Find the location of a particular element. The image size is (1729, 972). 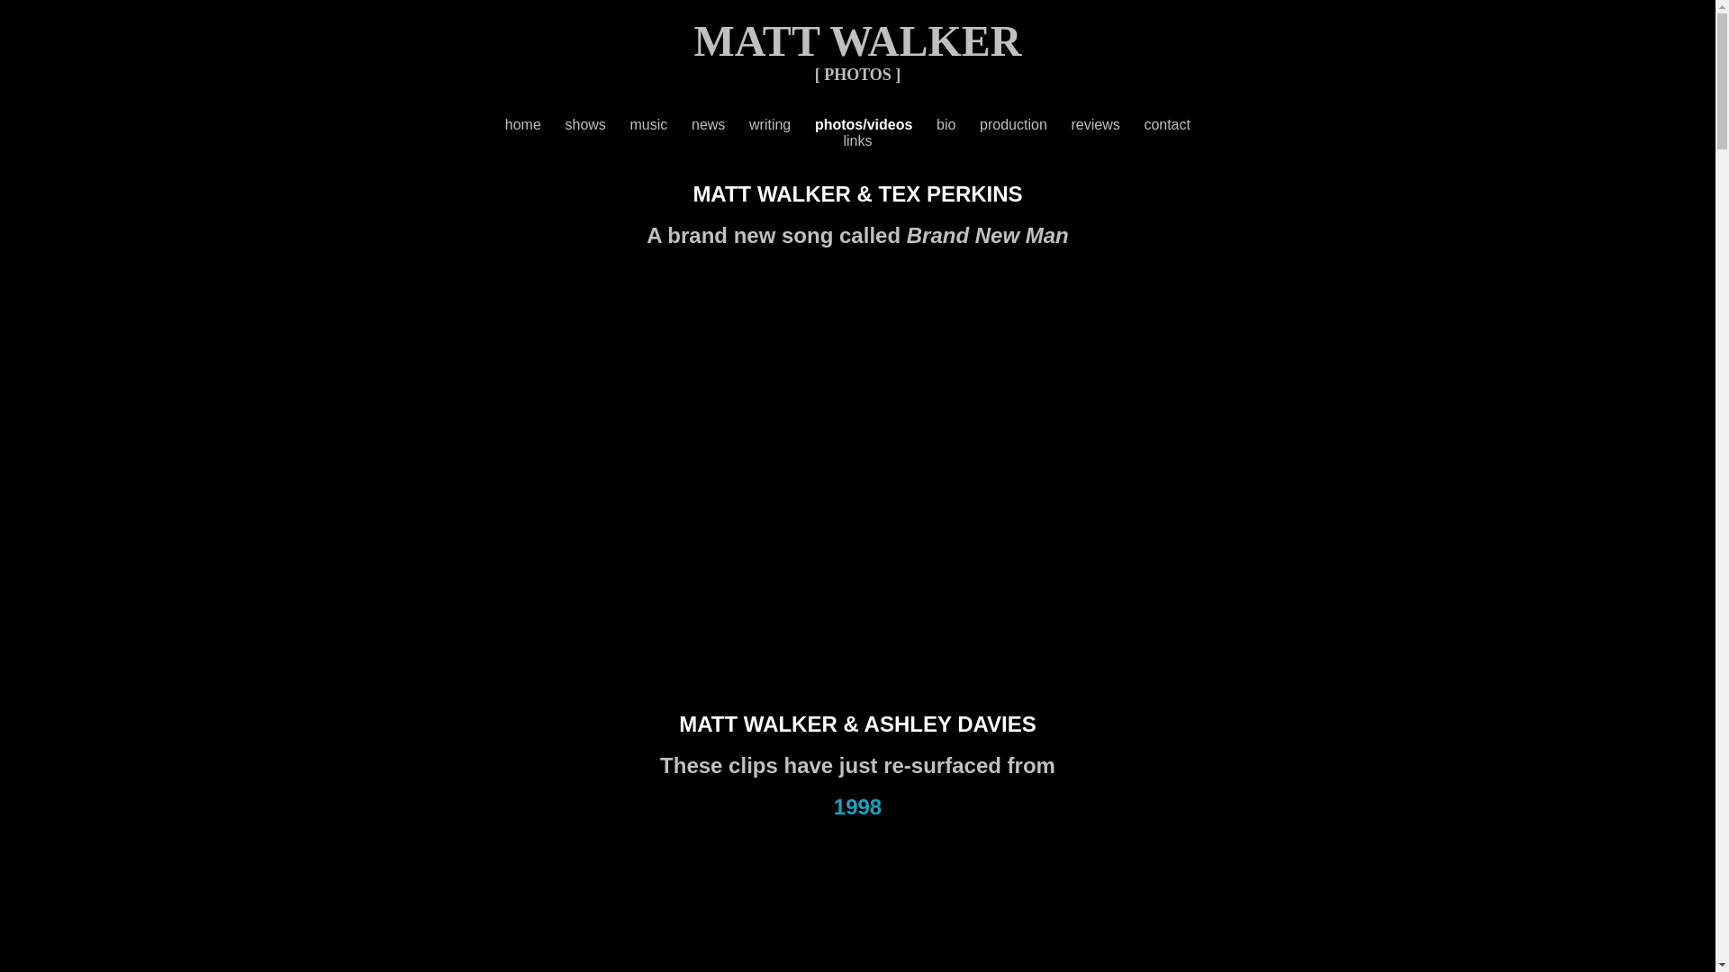

'music     ' is located at coordinates (660, 123).